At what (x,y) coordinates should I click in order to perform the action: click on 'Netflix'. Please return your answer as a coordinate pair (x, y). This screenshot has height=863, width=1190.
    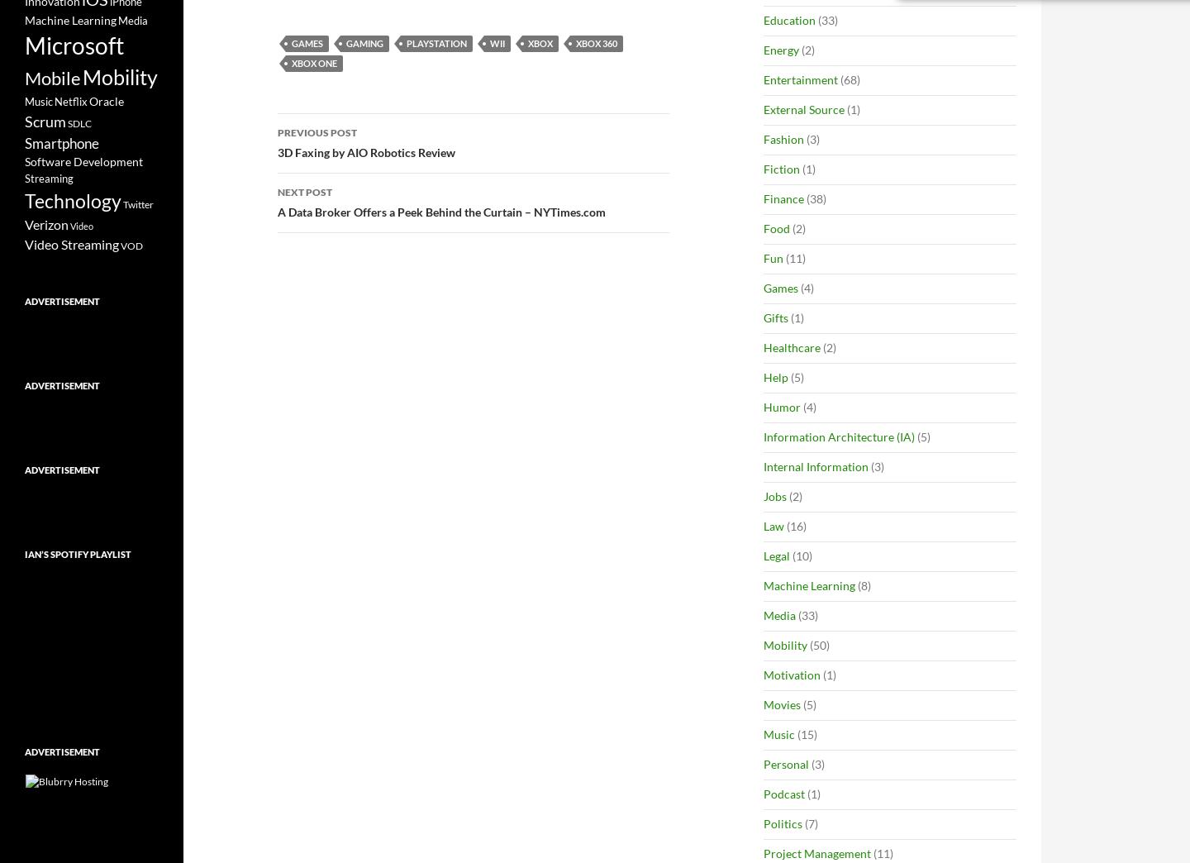
    Looking at the image, I should click on (70, 101).